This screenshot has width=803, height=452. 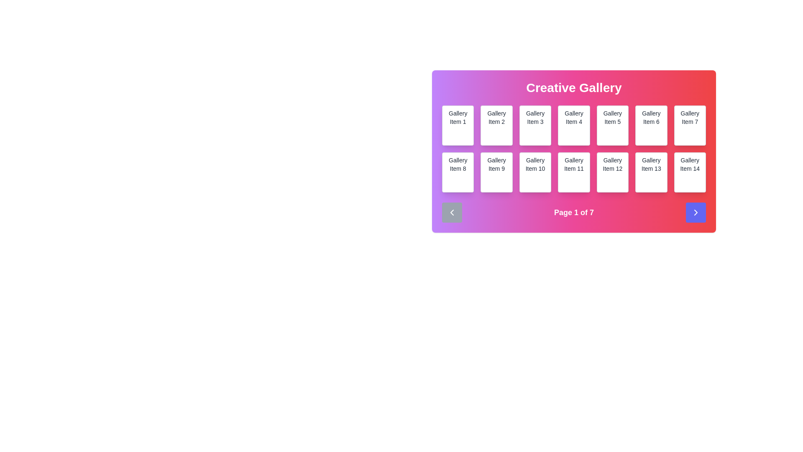 What do you see at coordinates (535, 172) in the screenshot?
I see `the Display Card located in the second row and third column of the gallery layout, which is visually informative and not interactive` at bounding box center [535, 172].